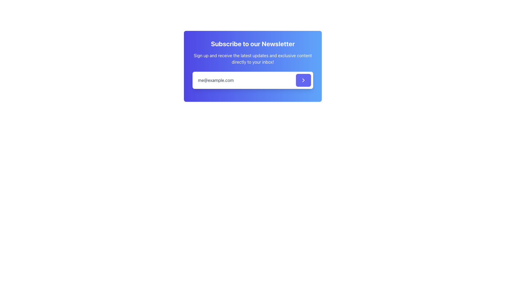 Image resolution: width=517 pixels, height=290 pixels. I want to click on the descriptive subtitle text block that provides information about the form's purpose, which is centrally aligned and positioned between the 'Subscribe to our Newsletter' text and an input field, so click(253, 59).